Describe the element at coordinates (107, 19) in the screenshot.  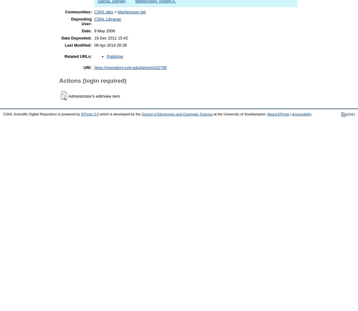
I see `'CSHL Librarian'` at that location.